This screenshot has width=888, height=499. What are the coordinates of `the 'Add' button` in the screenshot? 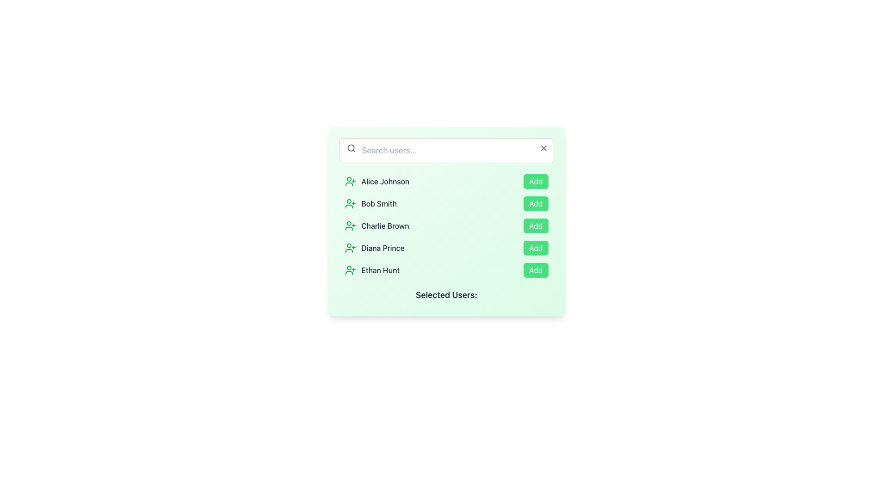 It's located at (446, 247).